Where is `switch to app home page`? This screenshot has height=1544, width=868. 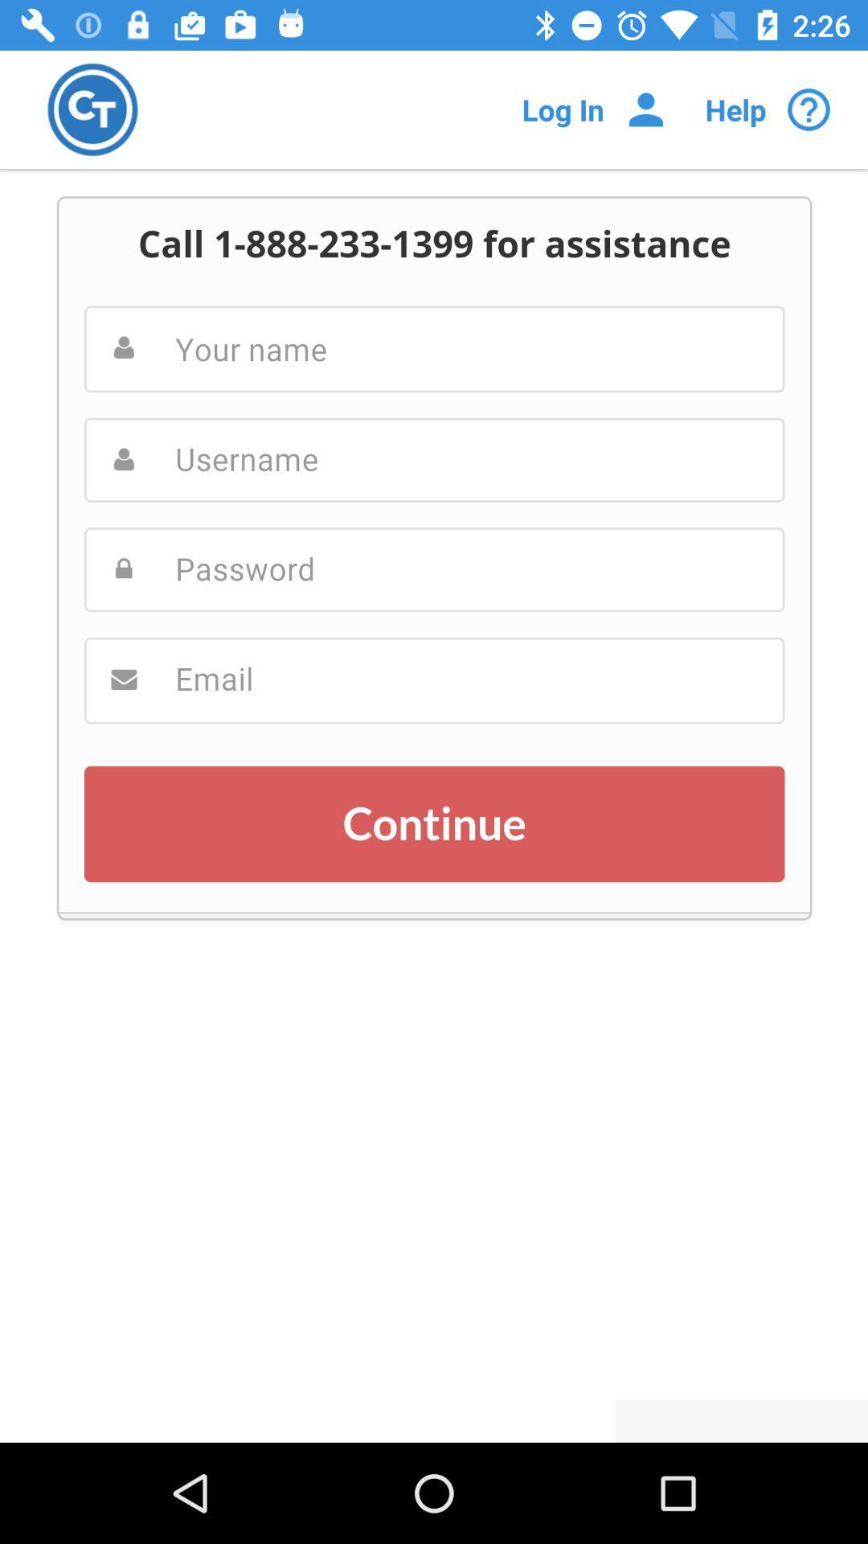 switch to app home page is located at coordinates (92, 109).